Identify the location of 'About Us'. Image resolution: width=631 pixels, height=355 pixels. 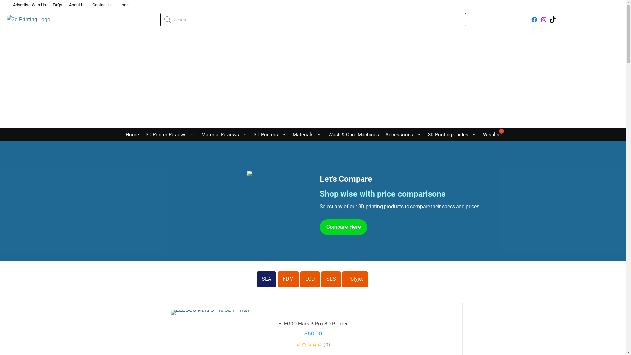
(77, 5).